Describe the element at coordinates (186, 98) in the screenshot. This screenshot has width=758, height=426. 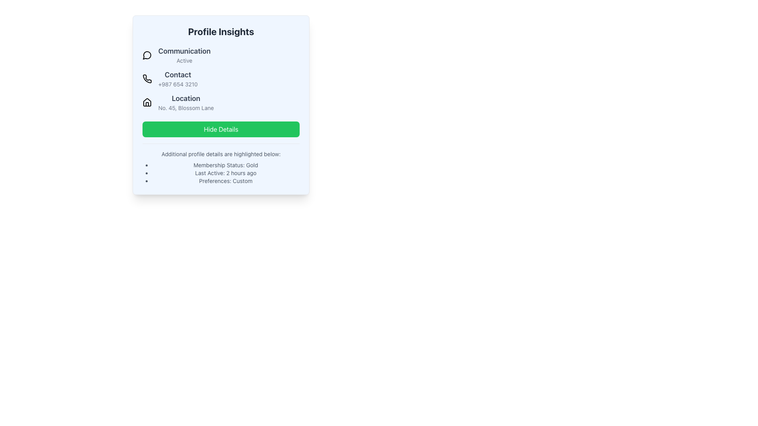
I see `the 'Location' text label, which serves as a header for the address details displayed below it, located in the card layout` at that location.